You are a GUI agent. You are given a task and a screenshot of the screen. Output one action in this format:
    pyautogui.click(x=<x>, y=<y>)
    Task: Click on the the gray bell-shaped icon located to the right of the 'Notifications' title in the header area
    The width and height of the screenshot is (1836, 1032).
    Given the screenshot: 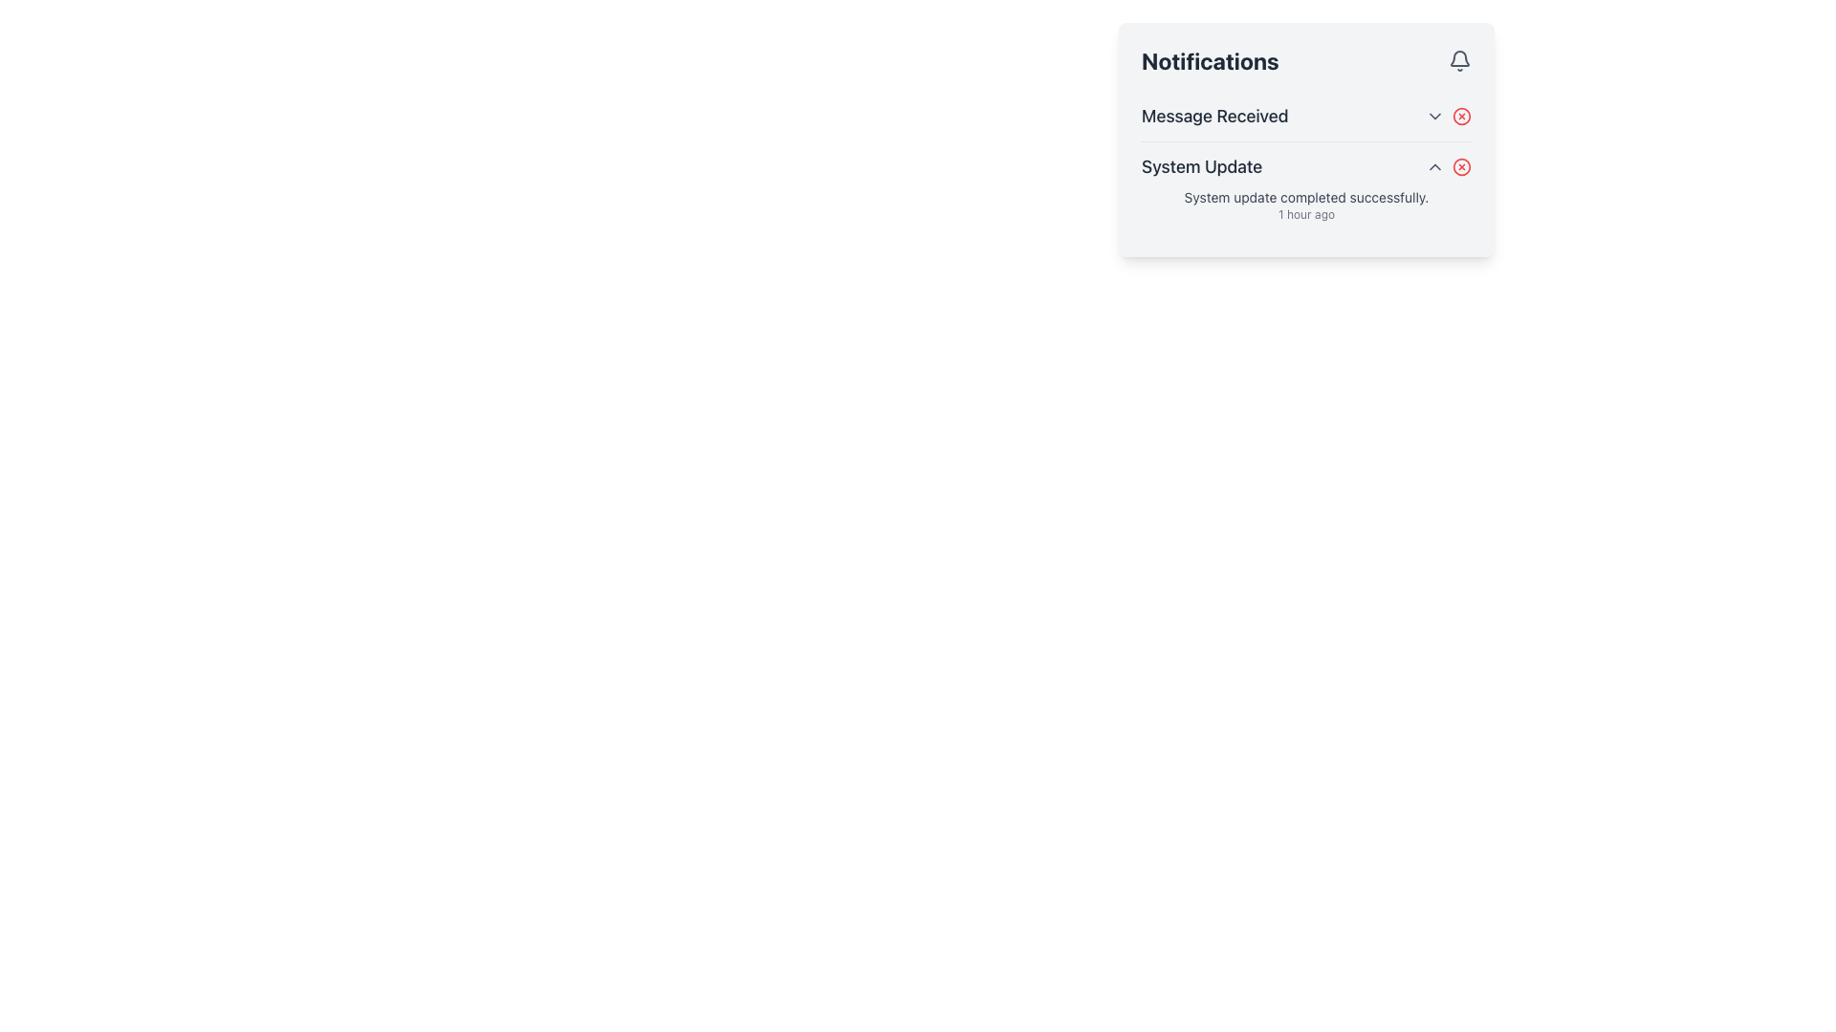 What is the action you would take?
    pyautogui.click(x=1458, y=60)
    